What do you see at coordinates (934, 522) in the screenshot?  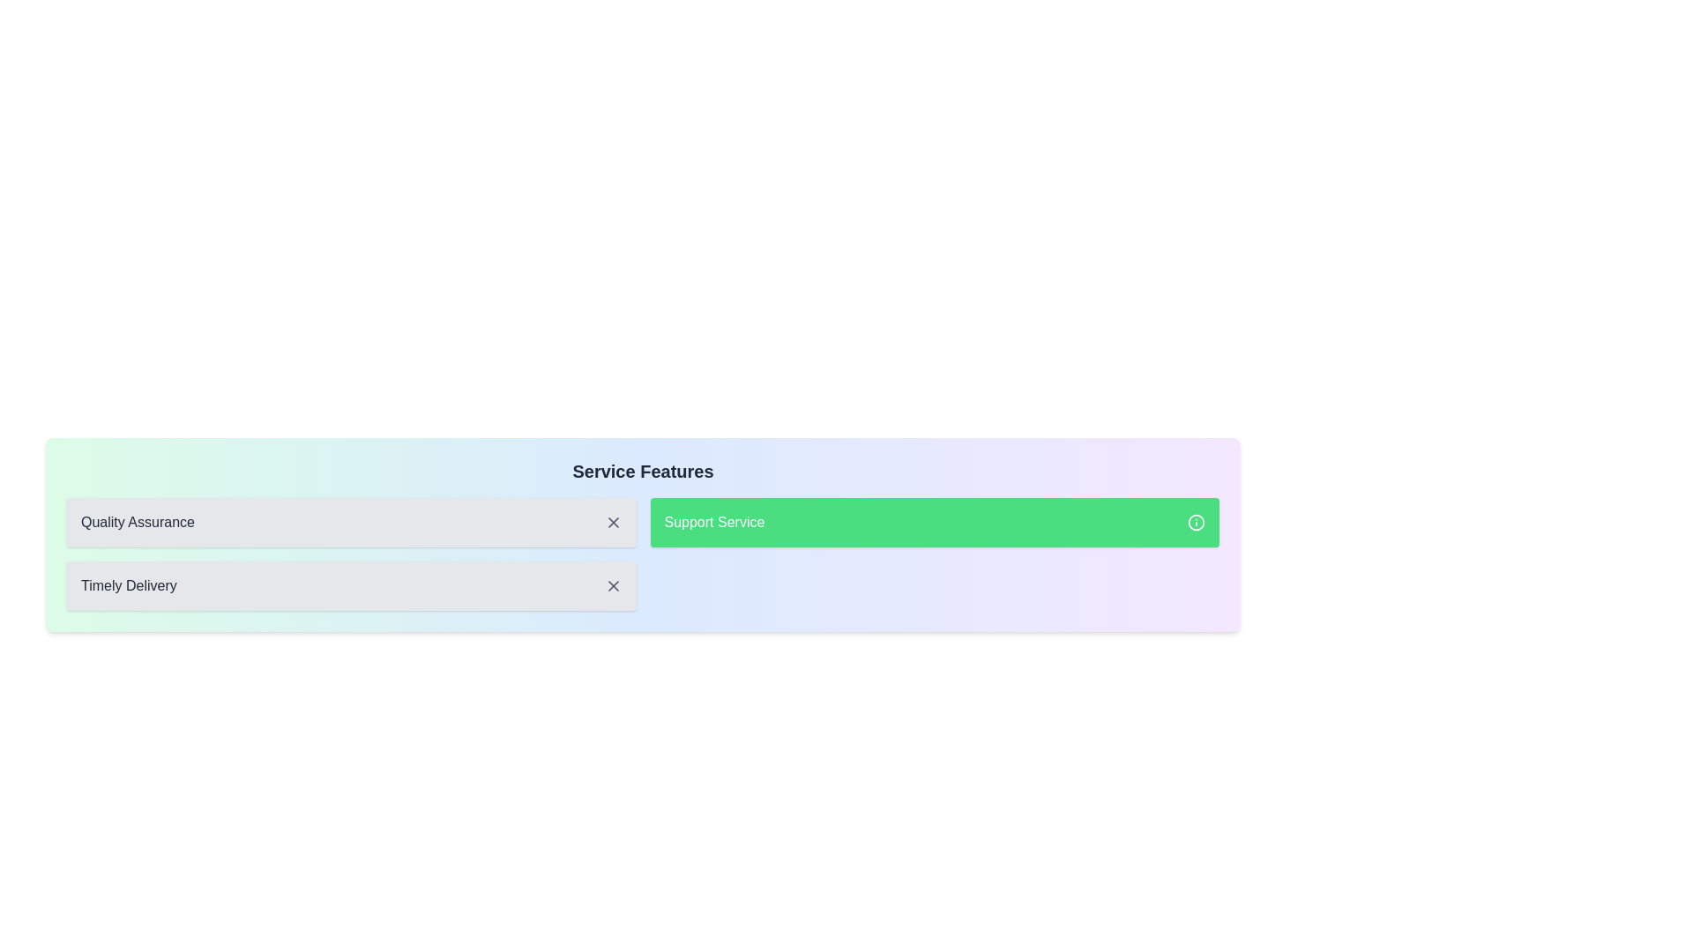 I see `the item labeled Support Service` at bounding box center [934, 522].